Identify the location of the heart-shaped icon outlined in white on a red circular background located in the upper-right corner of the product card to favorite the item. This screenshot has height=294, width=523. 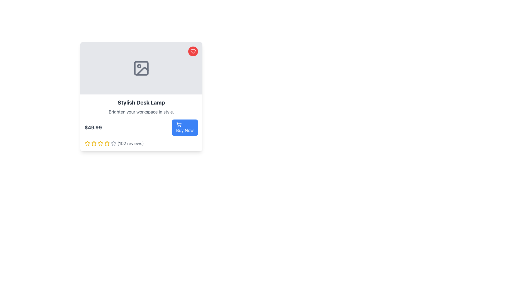
(193, 51).